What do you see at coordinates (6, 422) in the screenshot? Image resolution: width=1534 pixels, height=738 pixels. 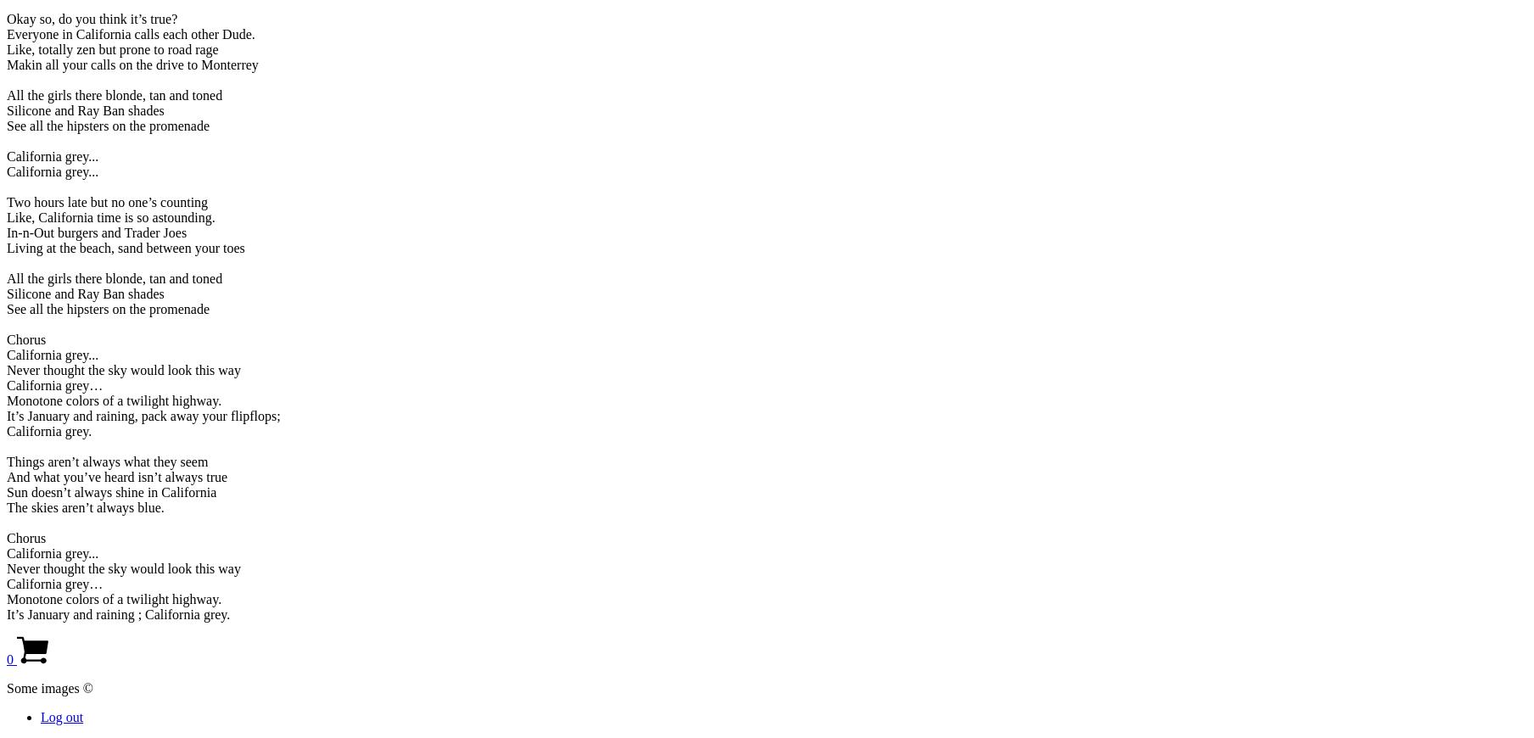 I see `'It’s January and raining, pack away your flipflops; California grey.'` at bounding box center [6, 422].